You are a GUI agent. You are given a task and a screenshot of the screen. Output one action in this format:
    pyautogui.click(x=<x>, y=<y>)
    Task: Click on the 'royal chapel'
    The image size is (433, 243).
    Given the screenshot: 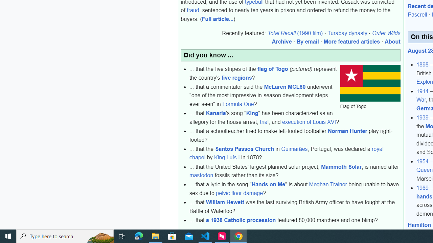 What is the action you would take?
    pyautogui.click(x=287, y=153)
    